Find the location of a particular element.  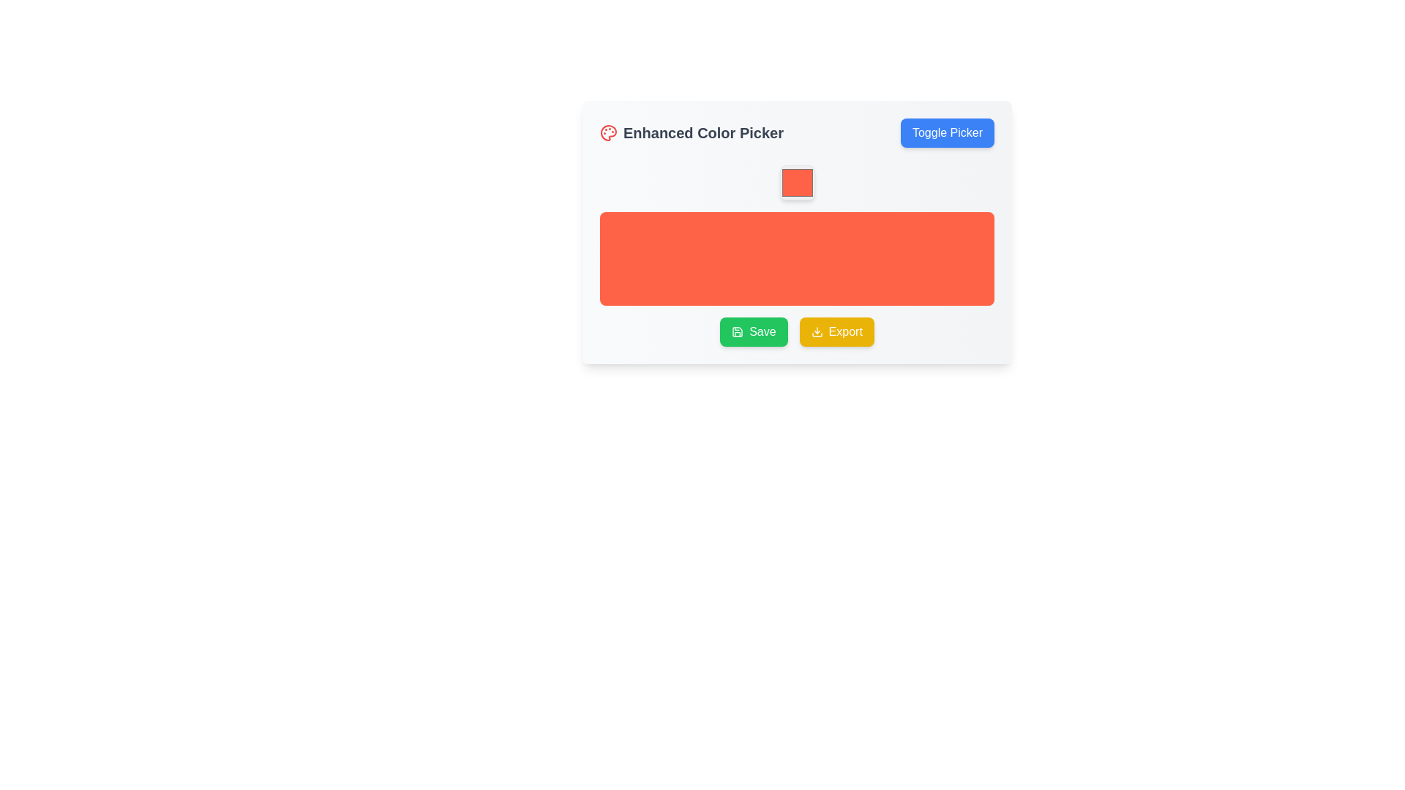

the small download icon within the 'Export' button, which has white text on a yellow background and is located at the bottom right-hand corner of the card-like interface is located at coordinates (816, 332).